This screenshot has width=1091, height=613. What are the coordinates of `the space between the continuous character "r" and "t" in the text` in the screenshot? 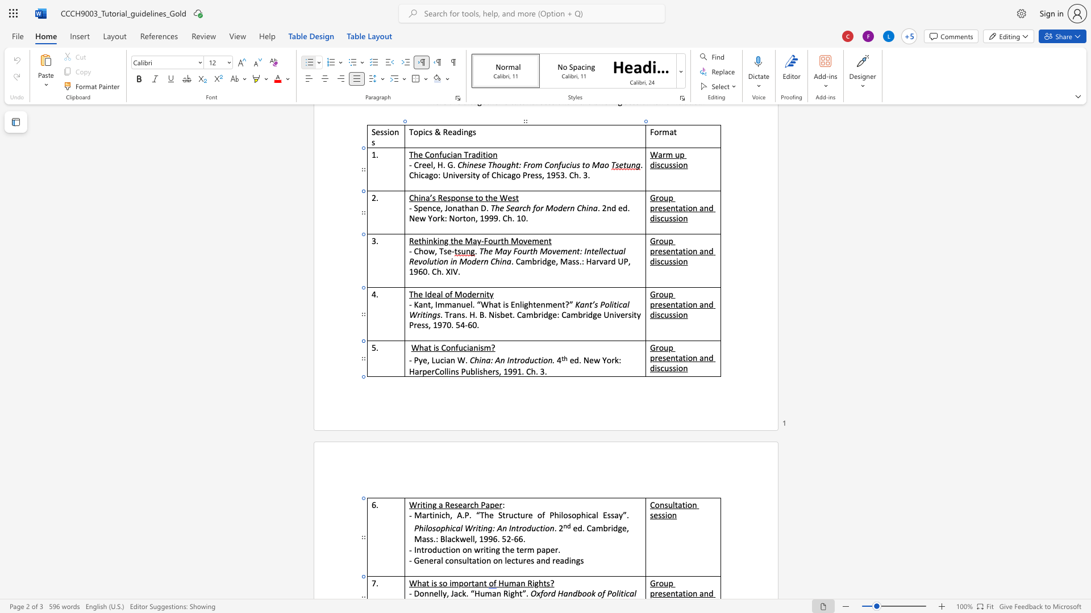 It's located at (472, 583).